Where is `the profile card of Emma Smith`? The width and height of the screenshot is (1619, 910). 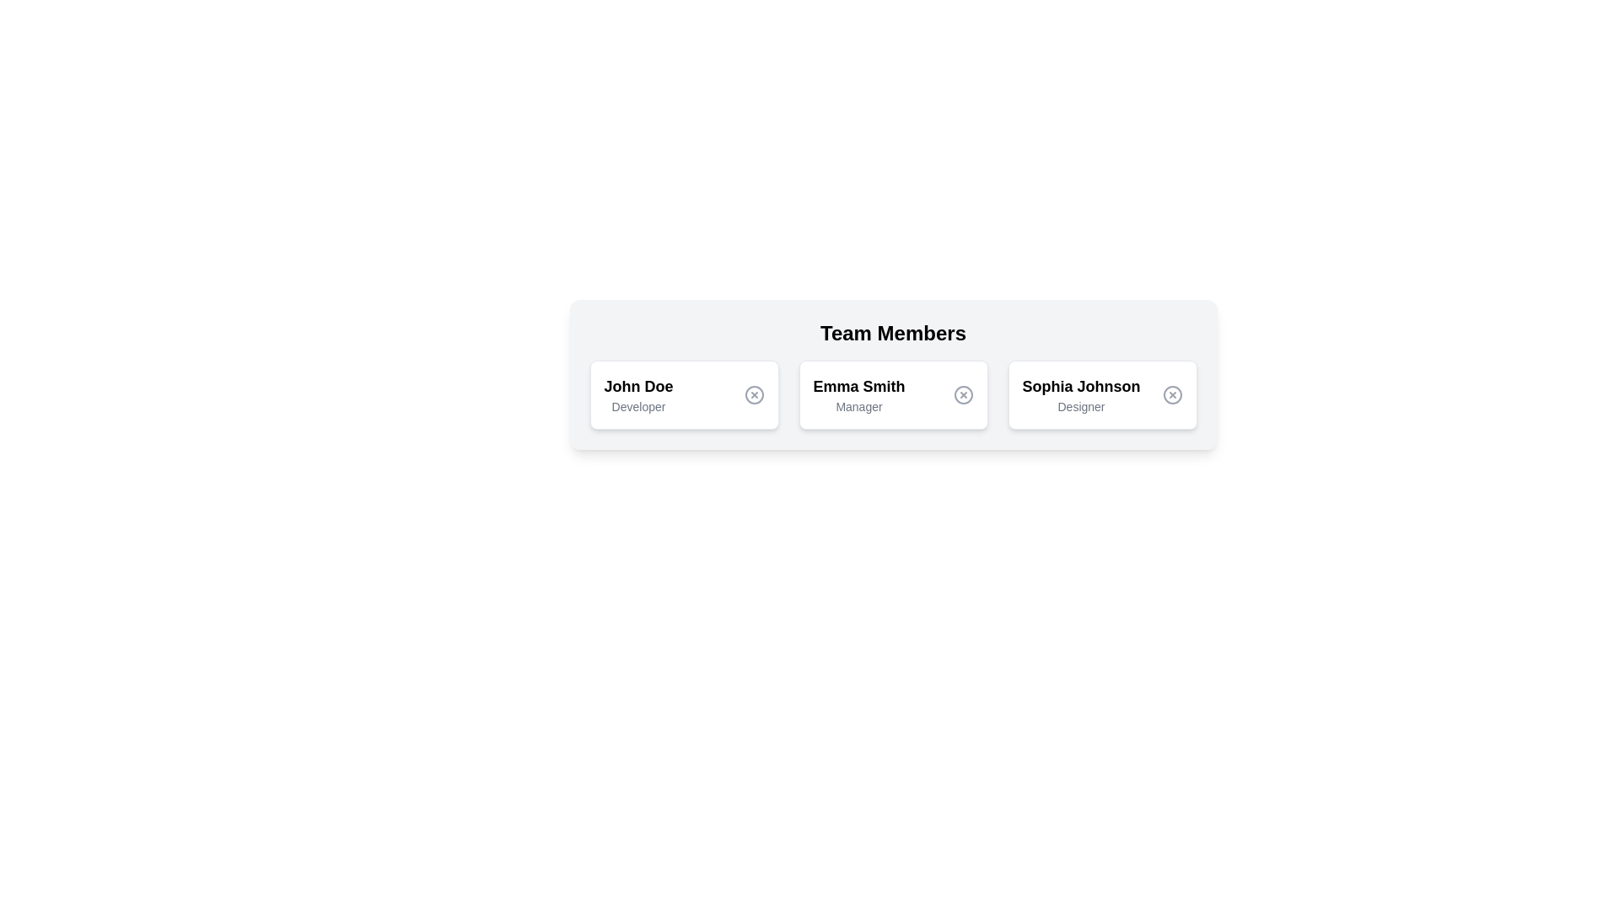
the profile card of Emma Smith is located at coordinates (892, 395).